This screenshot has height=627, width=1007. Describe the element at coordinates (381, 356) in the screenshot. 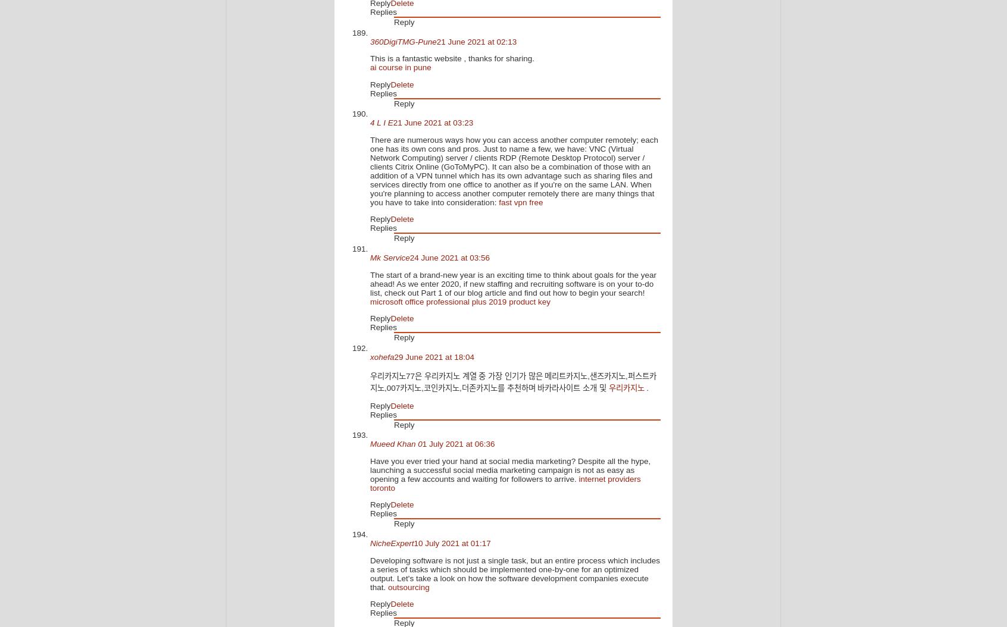

I see `'xohefa'` at that location.